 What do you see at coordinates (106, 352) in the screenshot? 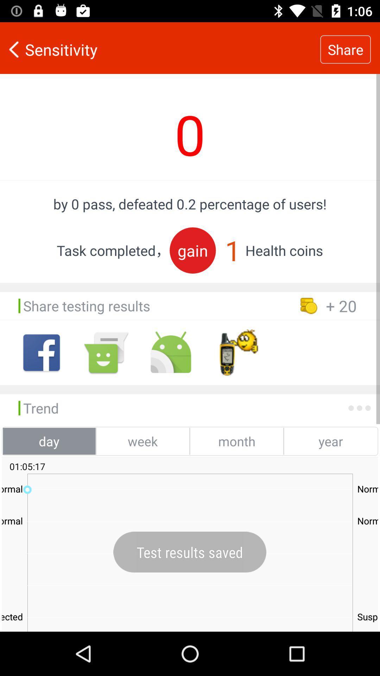
I see `message icon` at bounding box center [106, 352].